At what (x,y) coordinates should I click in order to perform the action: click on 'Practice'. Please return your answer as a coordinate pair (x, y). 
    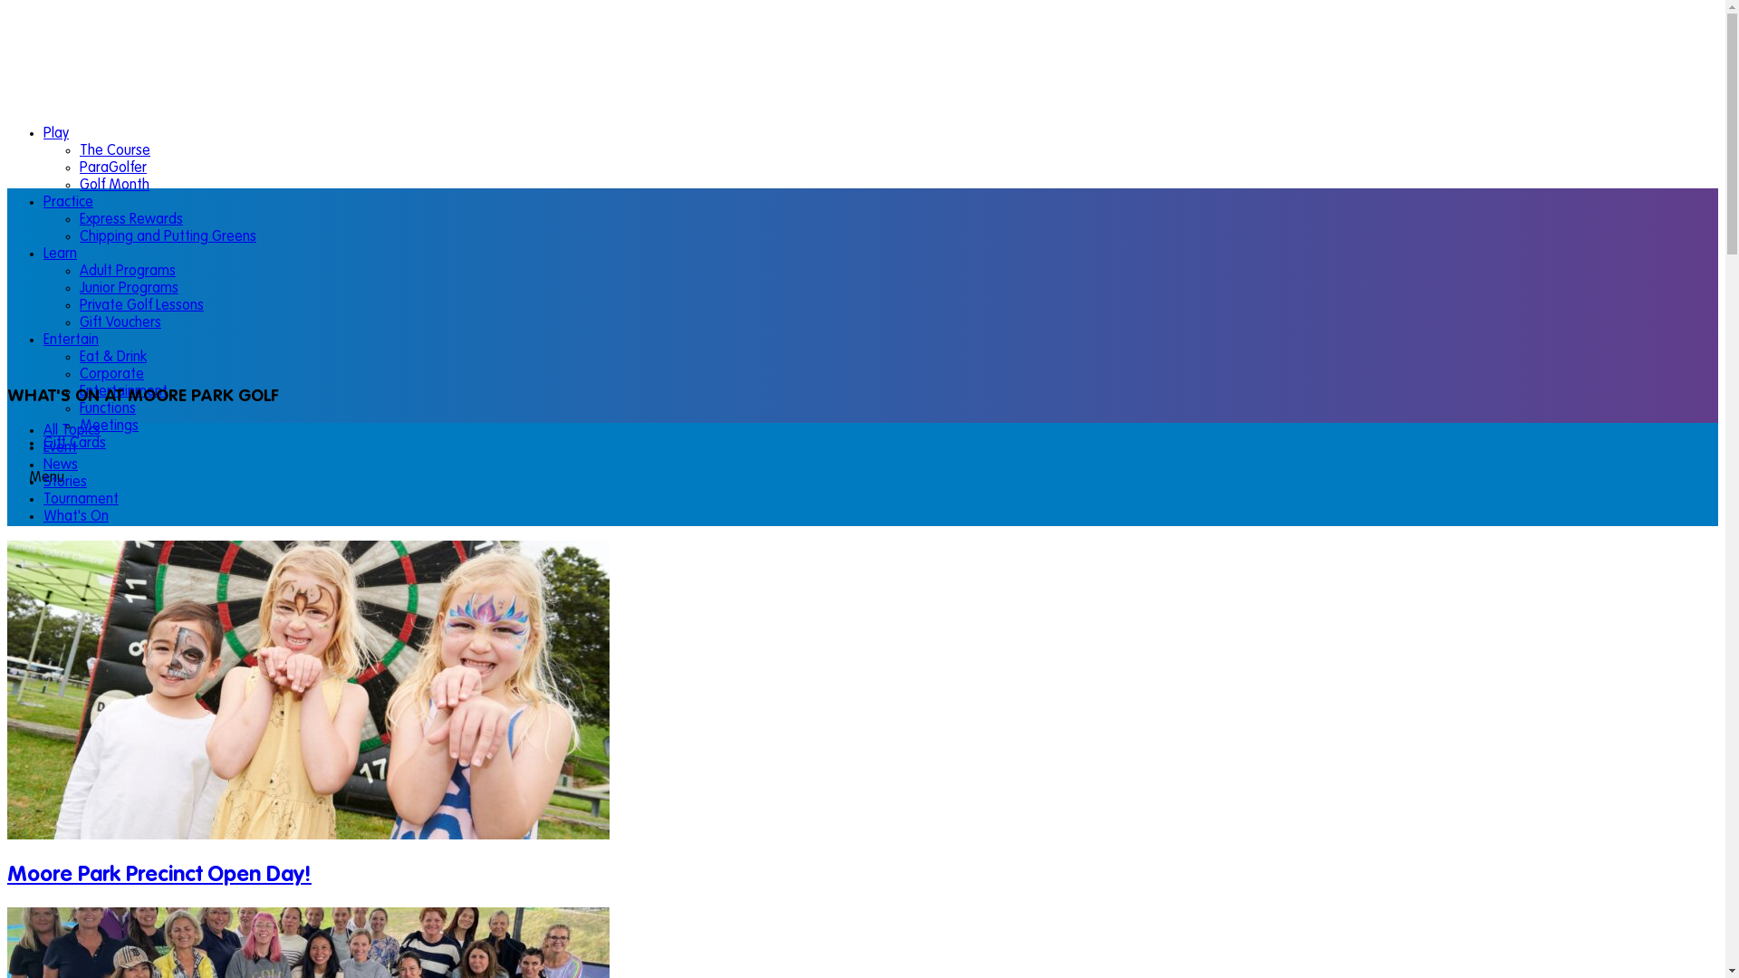
    Looking at the image, I should click on (68, 202).